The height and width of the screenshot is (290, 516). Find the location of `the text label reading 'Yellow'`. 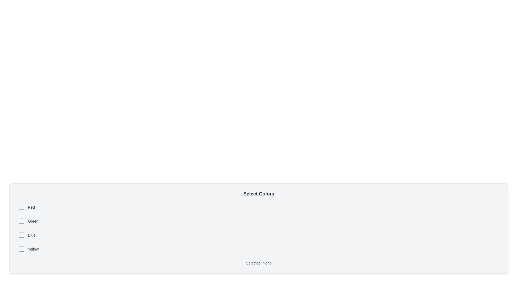

the text label reading 'Yellow' is located at coordinates (33, 249).